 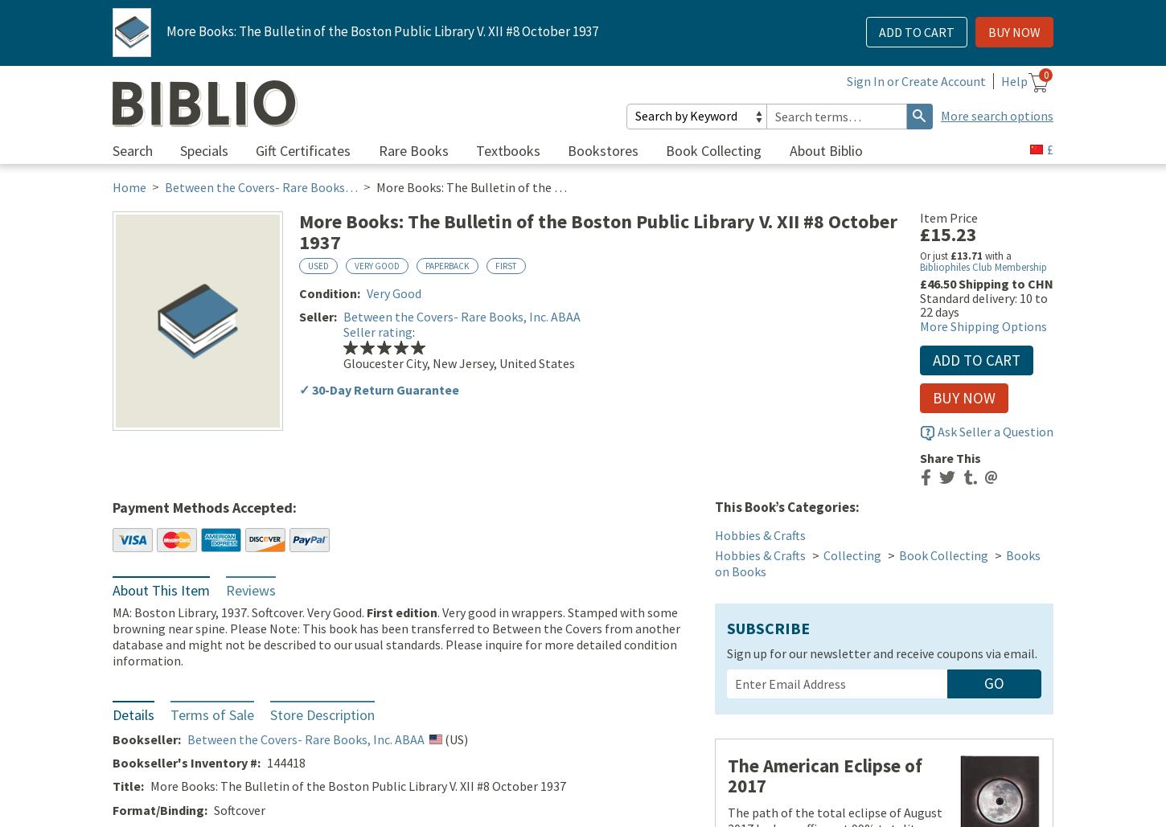 What do you see at coordinates (112, 740) in the screenshot?
I see `'Bookseller'` at bounding box center [112, 740].